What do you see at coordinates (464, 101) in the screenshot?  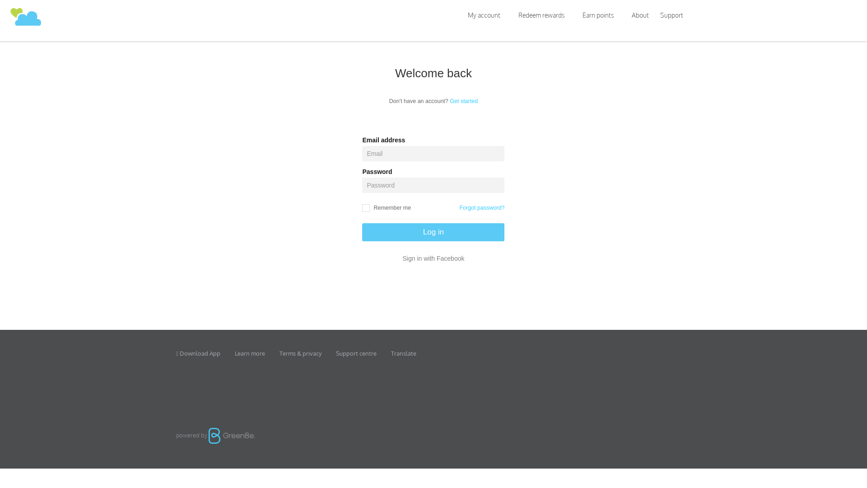 I see `'Get started'` at bounding box center [464, 101].